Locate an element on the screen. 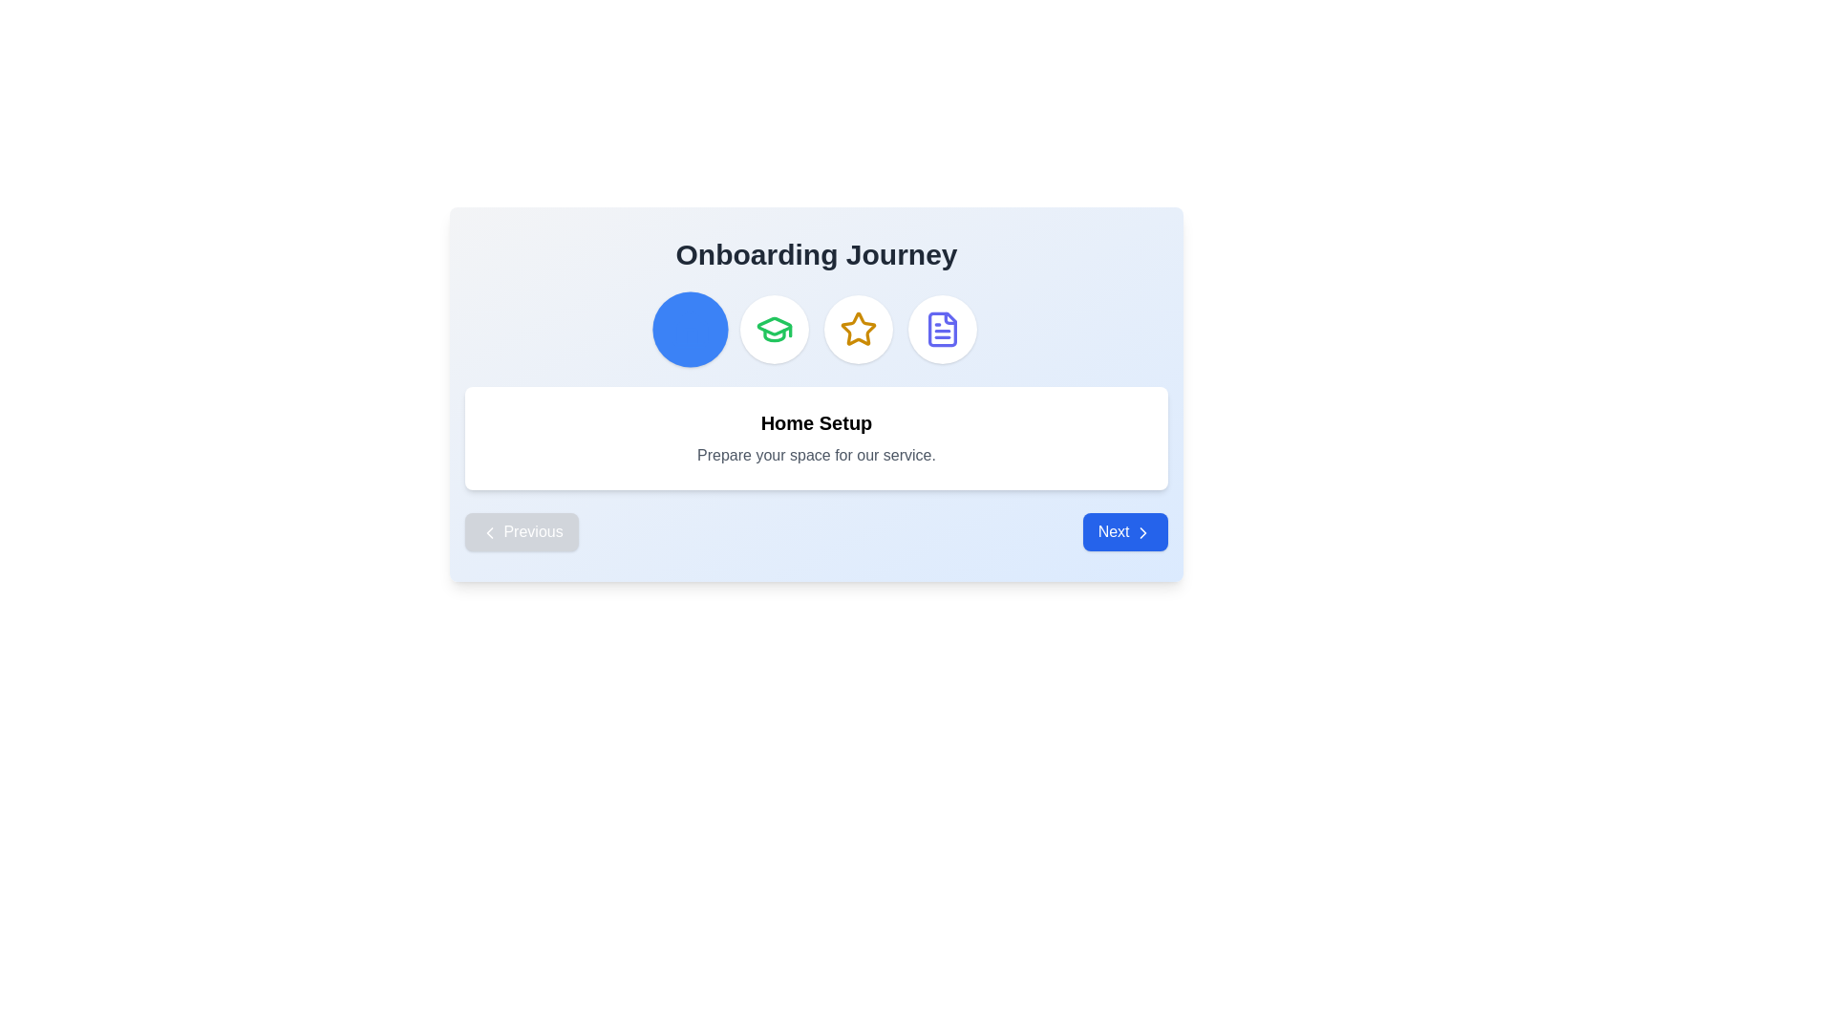 The width and height of the screenshot is (1834, 1032). the fourth circular button icon in the Onboarding Journey section, which represents an option related to documents or files, located to the right of the star icon is located at coordinates (943, 328).